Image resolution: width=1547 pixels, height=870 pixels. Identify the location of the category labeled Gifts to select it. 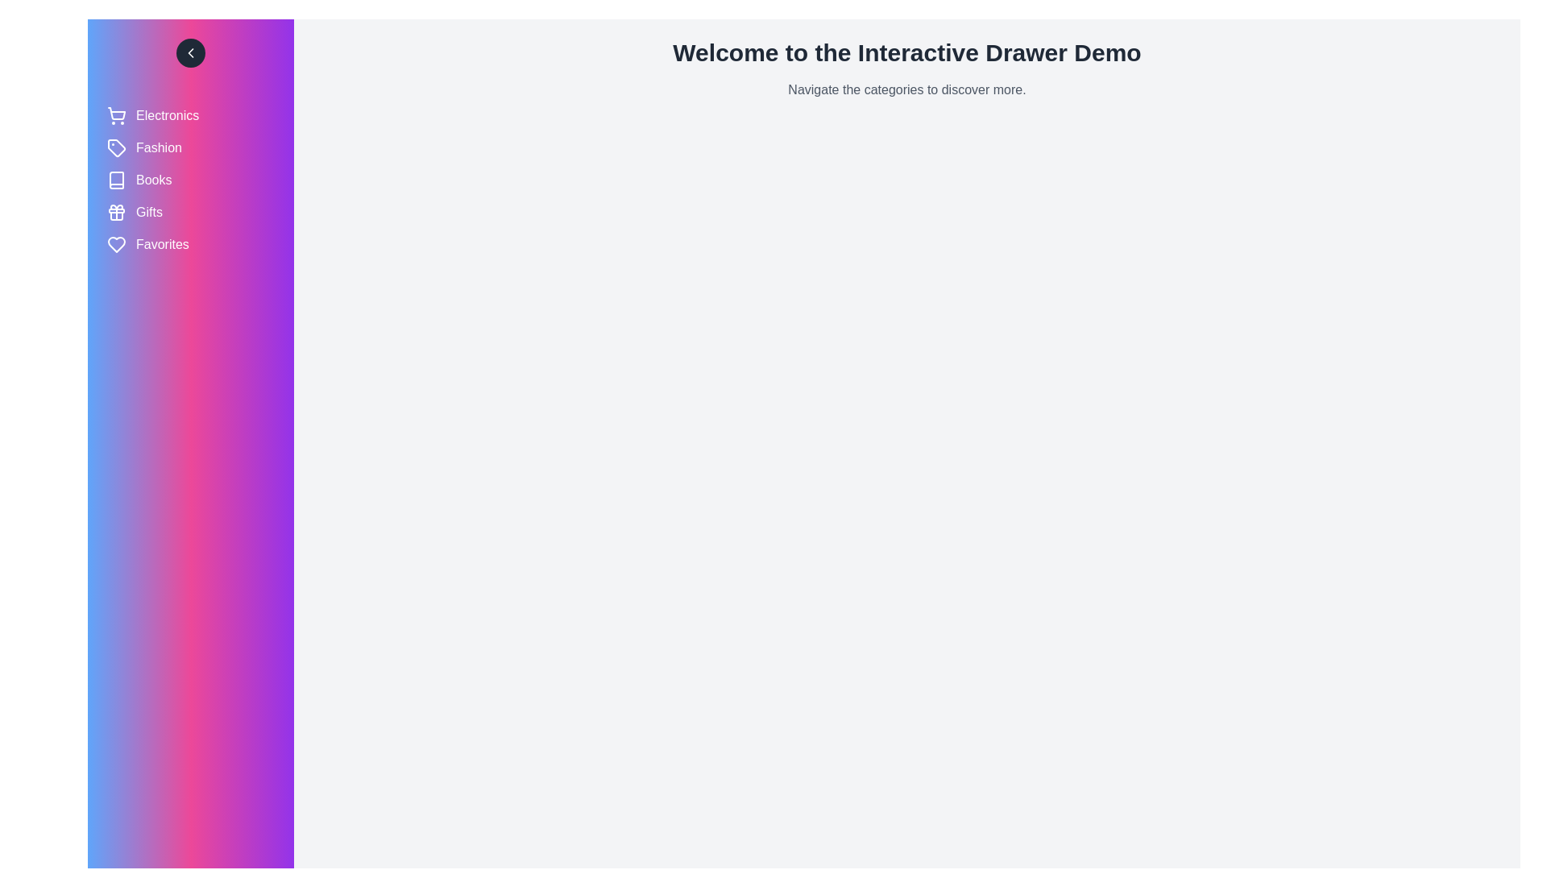
(190, 211).